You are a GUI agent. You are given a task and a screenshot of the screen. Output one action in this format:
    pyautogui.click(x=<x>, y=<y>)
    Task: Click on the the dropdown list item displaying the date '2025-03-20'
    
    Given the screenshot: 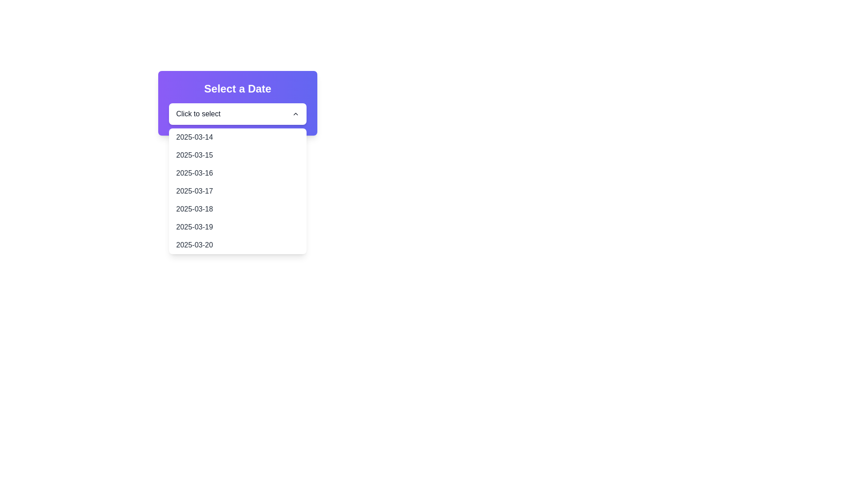 What is the action you would take?
    pyautogui.click(x=194, y=245)
    